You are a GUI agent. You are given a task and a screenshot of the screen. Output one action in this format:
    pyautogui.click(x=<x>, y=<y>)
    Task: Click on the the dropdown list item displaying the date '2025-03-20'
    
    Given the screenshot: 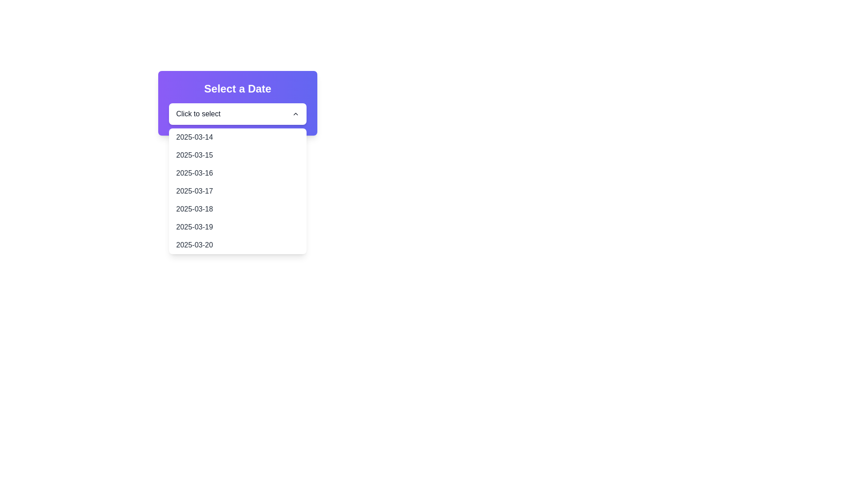 What is the action you would take?
    pyautogui.click(x=194, y=245)
    